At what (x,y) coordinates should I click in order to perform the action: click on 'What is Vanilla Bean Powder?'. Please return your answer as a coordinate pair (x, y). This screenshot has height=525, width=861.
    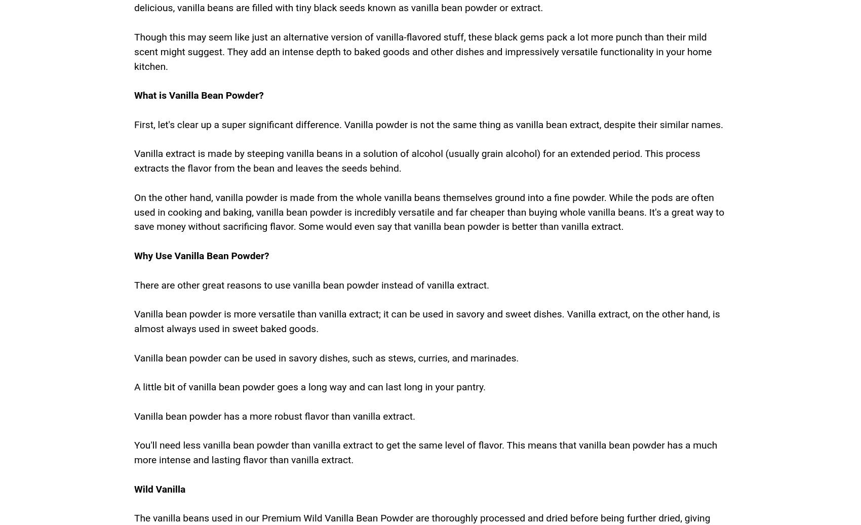
    Looking at the image, I should click on (198, 95).